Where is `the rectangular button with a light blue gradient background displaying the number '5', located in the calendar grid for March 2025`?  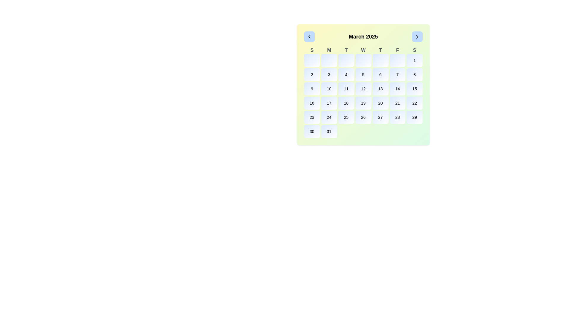 the rectangular button with a light blue gradient background displaying the number '5', located in the calendar grid for March 2025 is located at coordinates (363, 74).